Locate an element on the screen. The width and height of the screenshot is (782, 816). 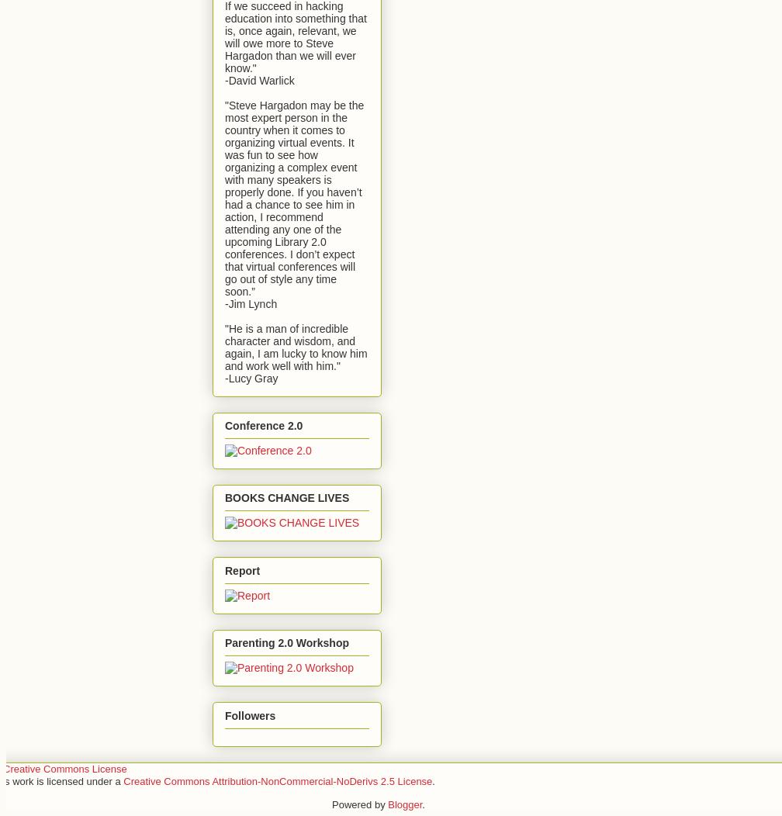
'-David Warlick' is located at coordinates (259, 79).